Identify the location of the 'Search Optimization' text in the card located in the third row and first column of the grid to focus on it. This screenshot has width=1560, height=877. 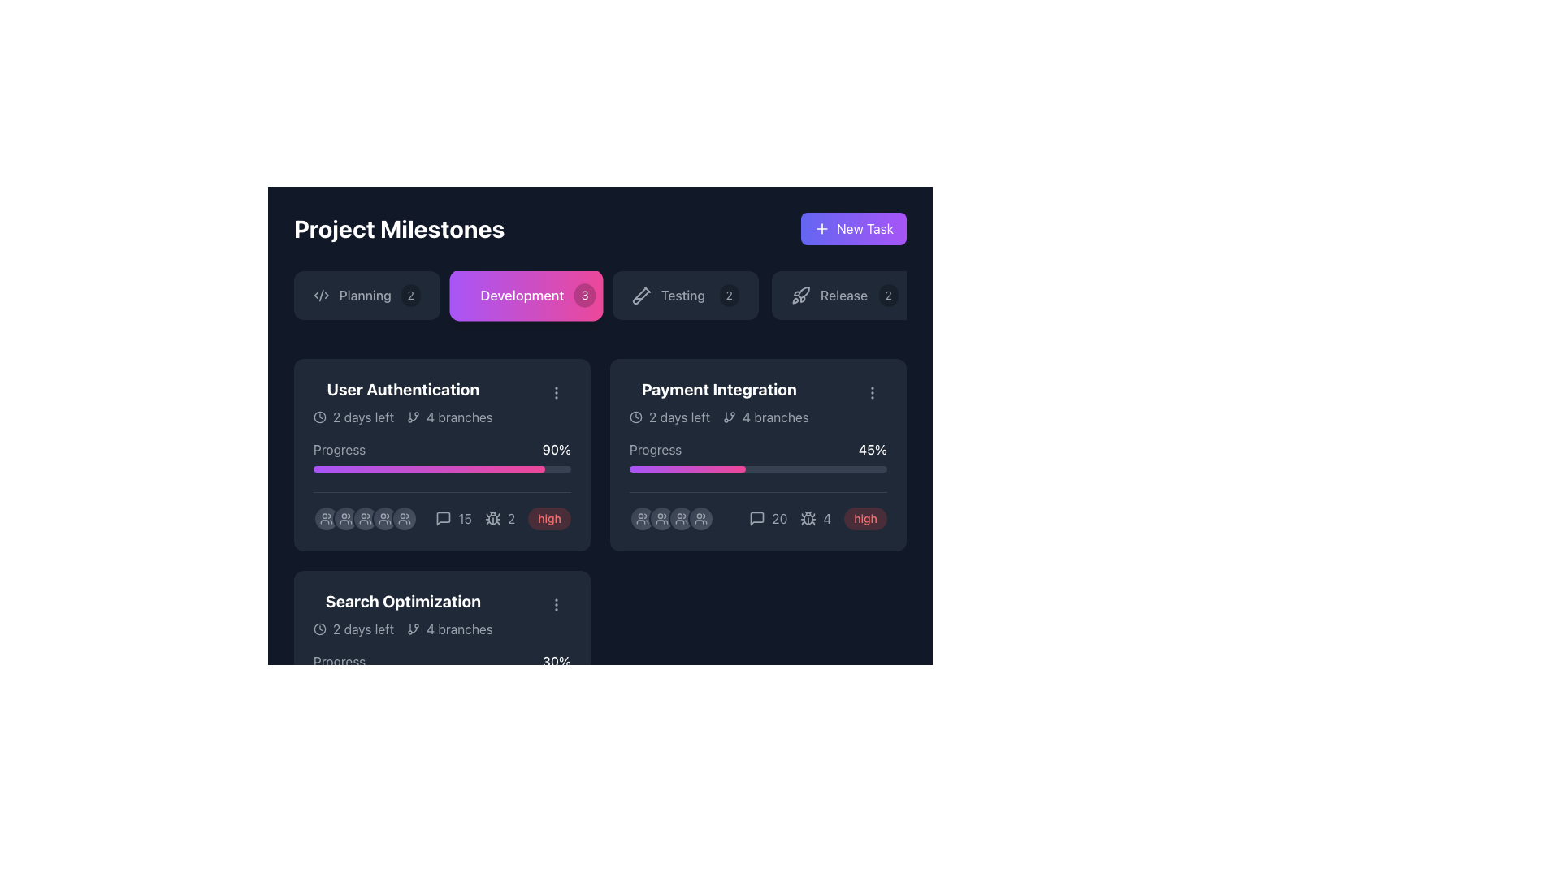
(403, 614).